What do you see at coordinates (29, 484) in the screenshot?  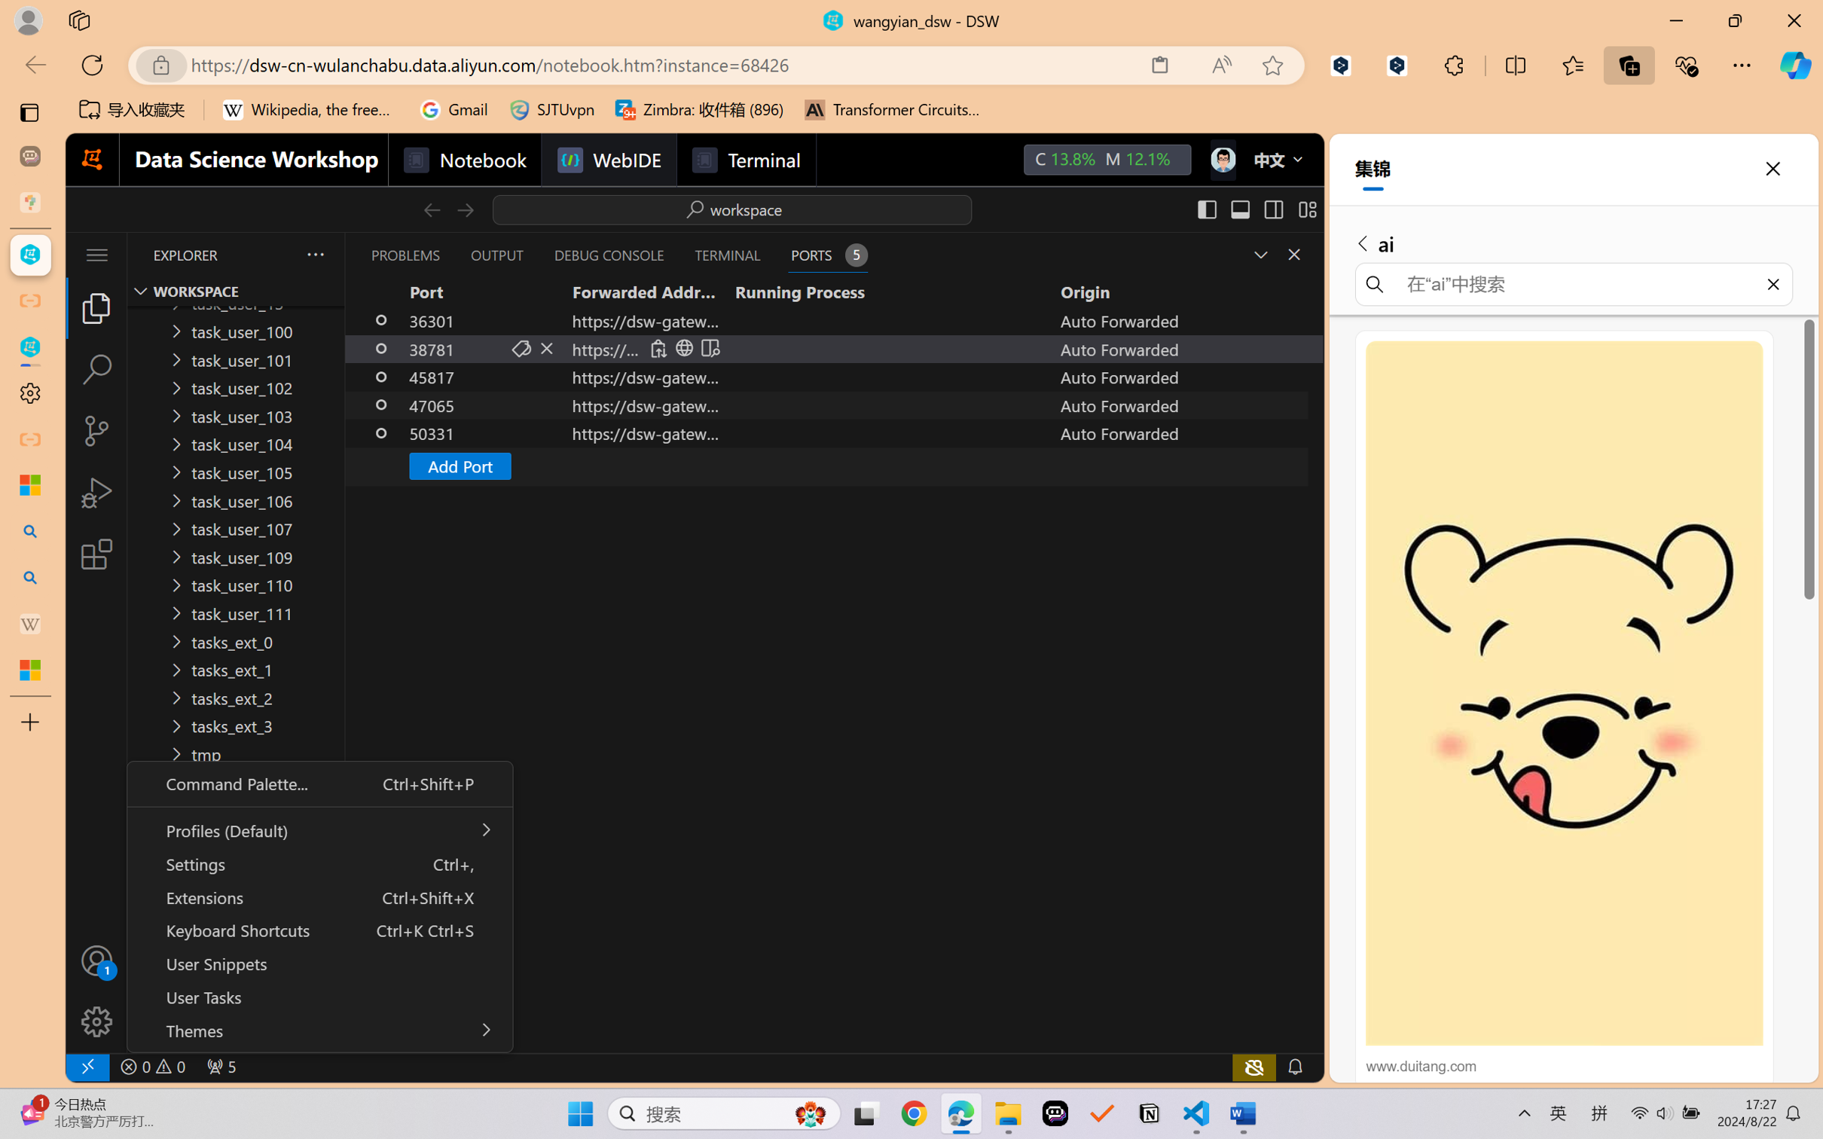 I see `'Microsoft security help and learning'` at bounding box center [29, 484].